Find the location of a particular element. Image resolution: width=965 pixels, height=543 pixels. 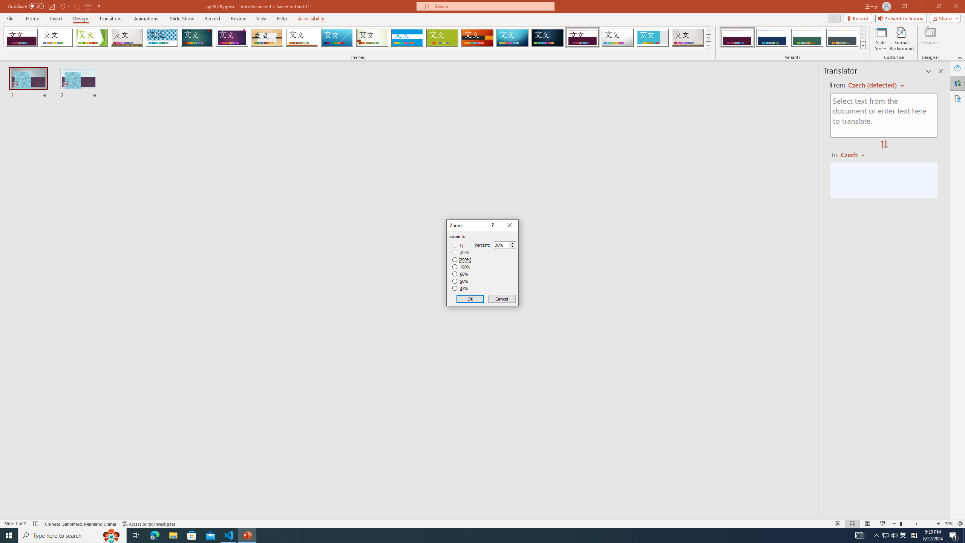

'Percent' is located at coordinates (505, 244).